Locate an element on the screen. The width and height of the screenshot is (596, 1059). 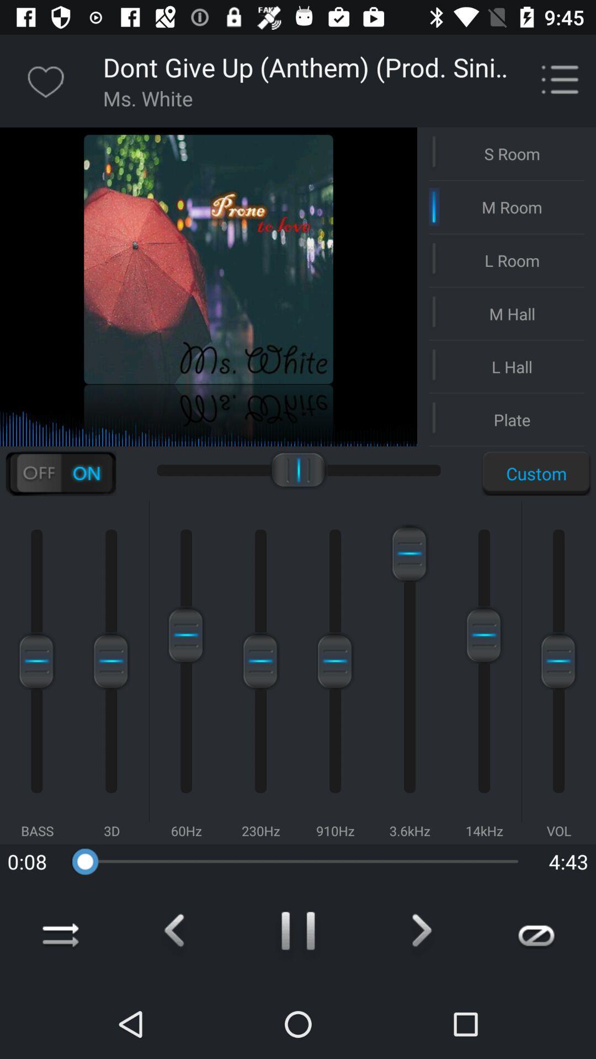
the arrow_backward icon is located at coordinates (178, 933).